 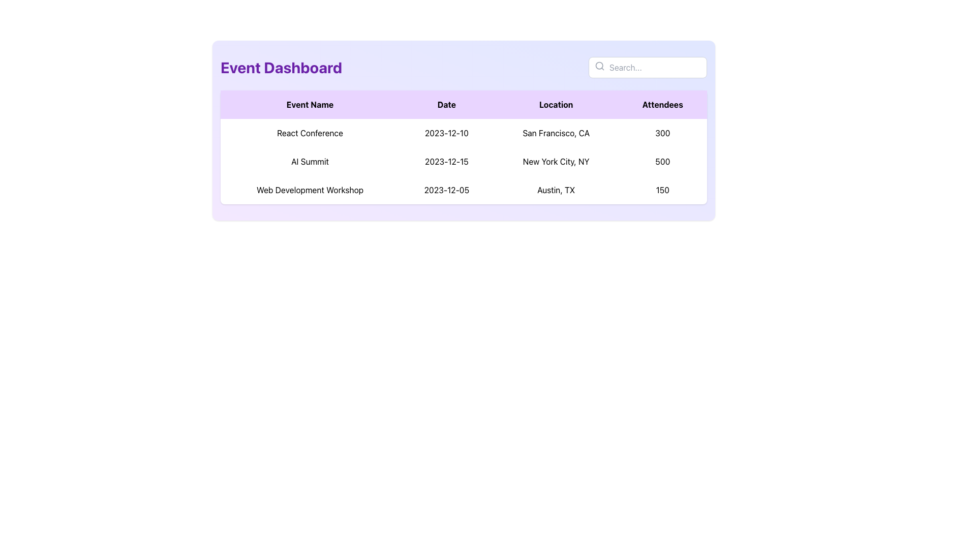 I want to click on the text component displaying the date '2023-12-05' under the 'Date' column of the 'Web Development Workshop' row in the events table, so click(x=446, y=190).